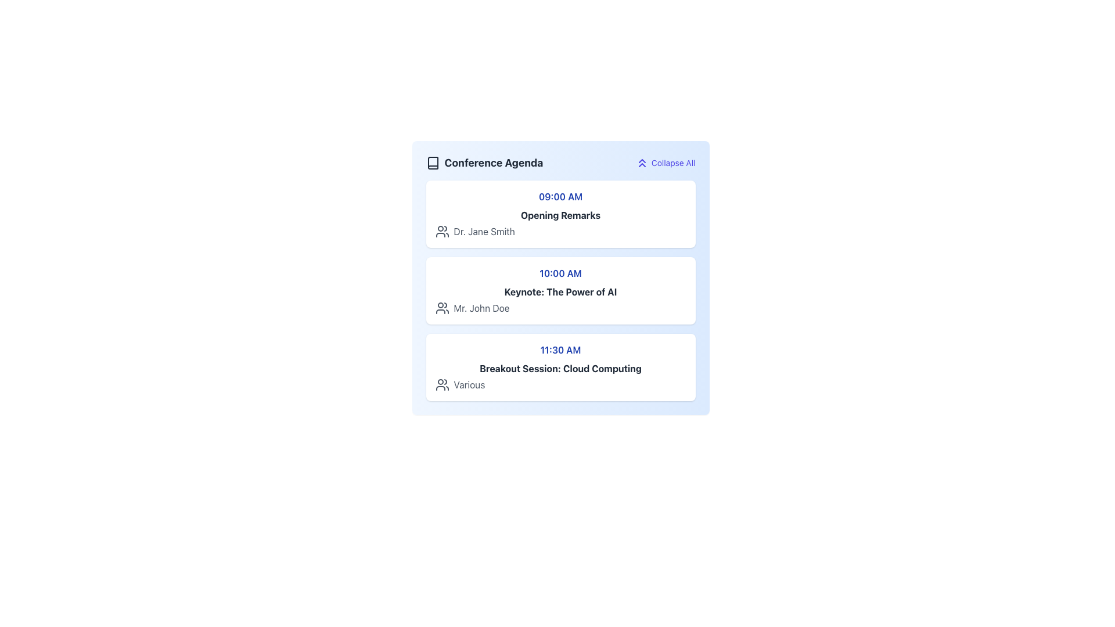  What do you see at coordinates (560, 196) in the screenshot?
I see `the static text displaying '09:00 AM' in bold blue font, located in the topmost session item of the conference agenda panel` at bounding box center [560, 196].